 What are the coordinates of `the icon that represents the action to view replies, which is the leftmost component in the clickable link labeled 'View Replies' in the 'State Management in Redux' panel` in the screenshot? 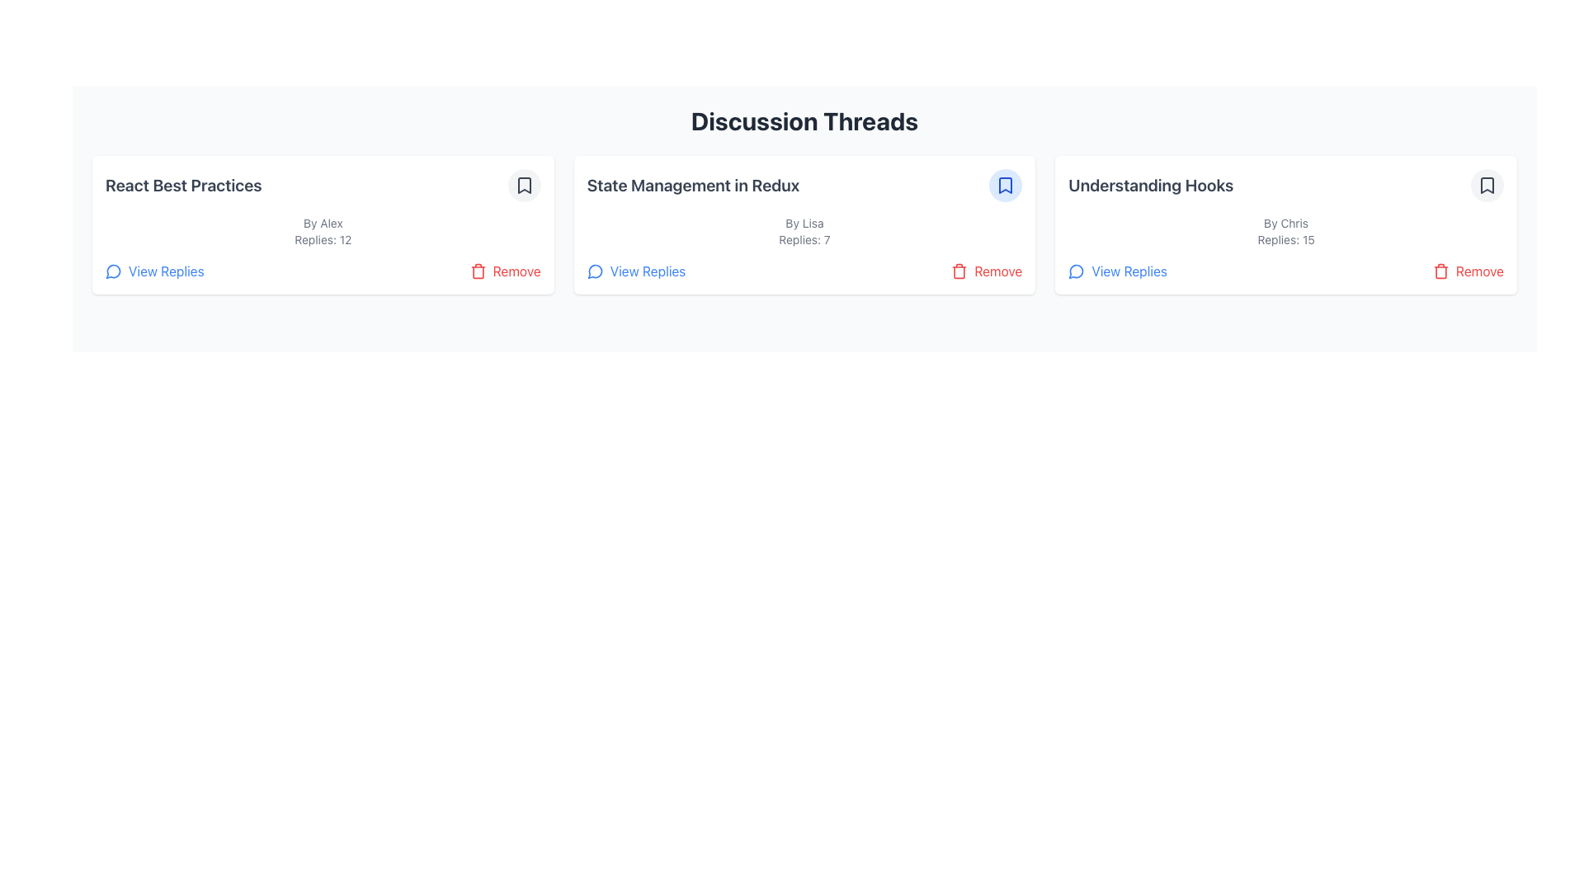 It's located at (594, 270).